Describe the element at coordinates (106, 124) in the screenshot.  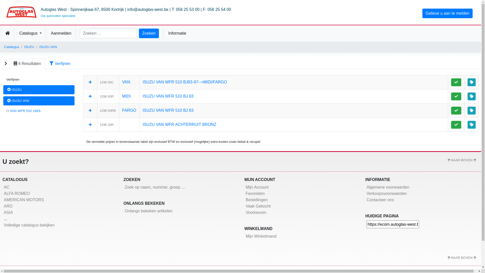
I see `'1298 30R'` at that location.